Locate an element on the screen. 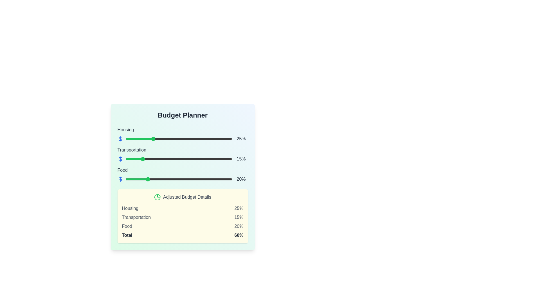 The height and width of the screenshot is (303, 540). the 'Transportation' slider is located at coordinates (211, 159).